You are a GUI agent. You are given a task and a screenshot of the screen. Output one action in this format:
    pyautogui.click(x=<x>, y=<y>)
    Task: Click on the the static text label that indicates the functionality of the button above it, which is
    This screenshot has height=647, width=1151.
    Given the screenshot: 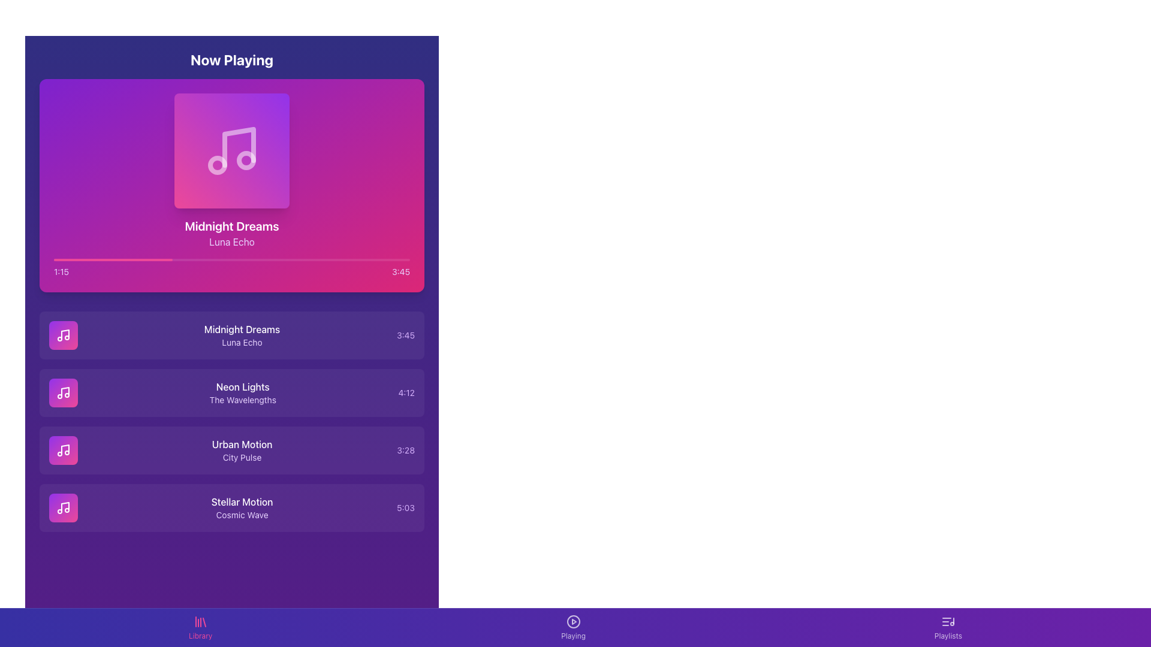 What is the action you would take?
    pyautogui.click(x=573, y=635)
    